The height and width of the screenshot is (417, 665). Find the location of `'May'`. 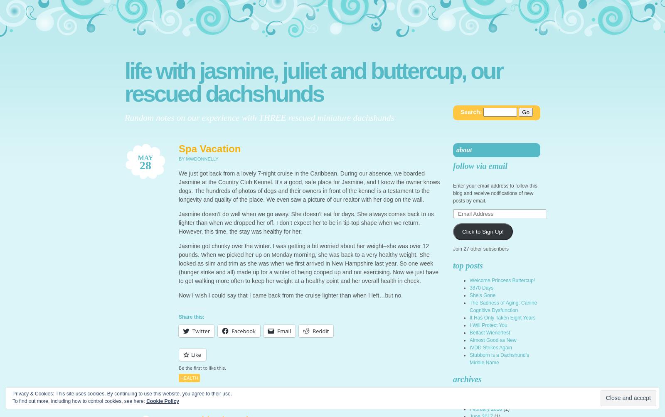

'May' is located at coordinates (145, 158).